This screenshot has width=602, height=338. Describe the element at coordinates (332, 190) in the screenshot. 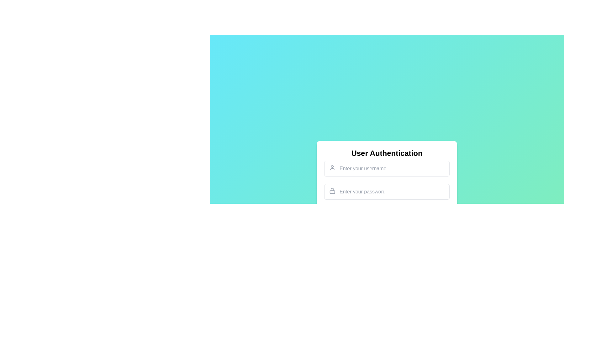

I see `the password icon located on the left side of the password input field, which visually indicates the purpose of the adjacent input field for entering a password` at that location.